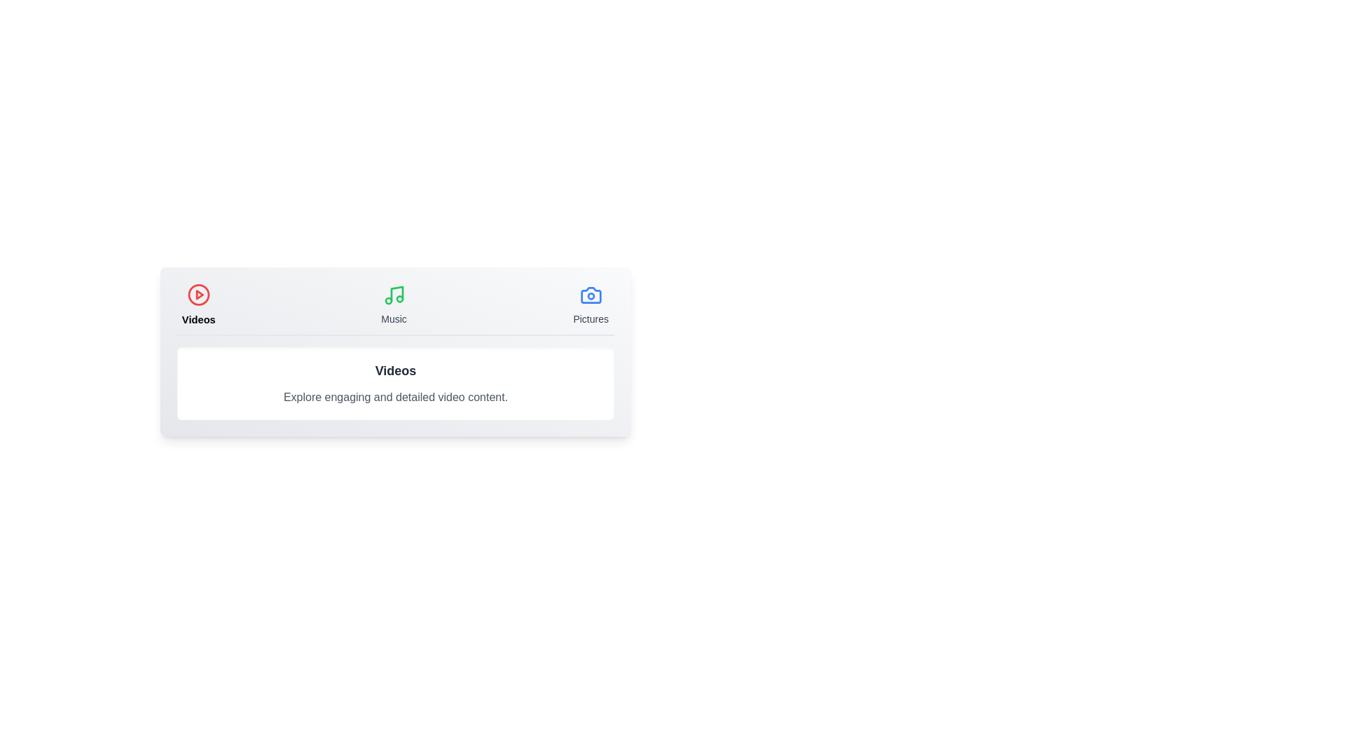 Image resolution: width=1345 pixels, height=756 pixels. Describe the element at coordinates (393, 304) in the screenshot. I see `the Music tab by clicking on its button` at that location.